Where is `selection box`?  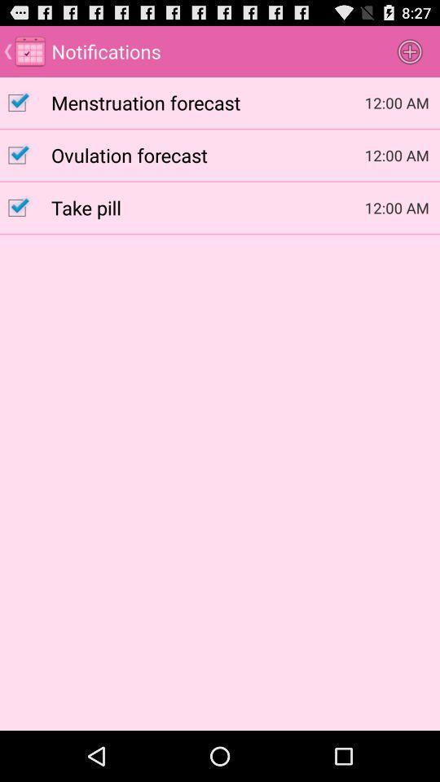
selection box is located at coordinates (24, 155).